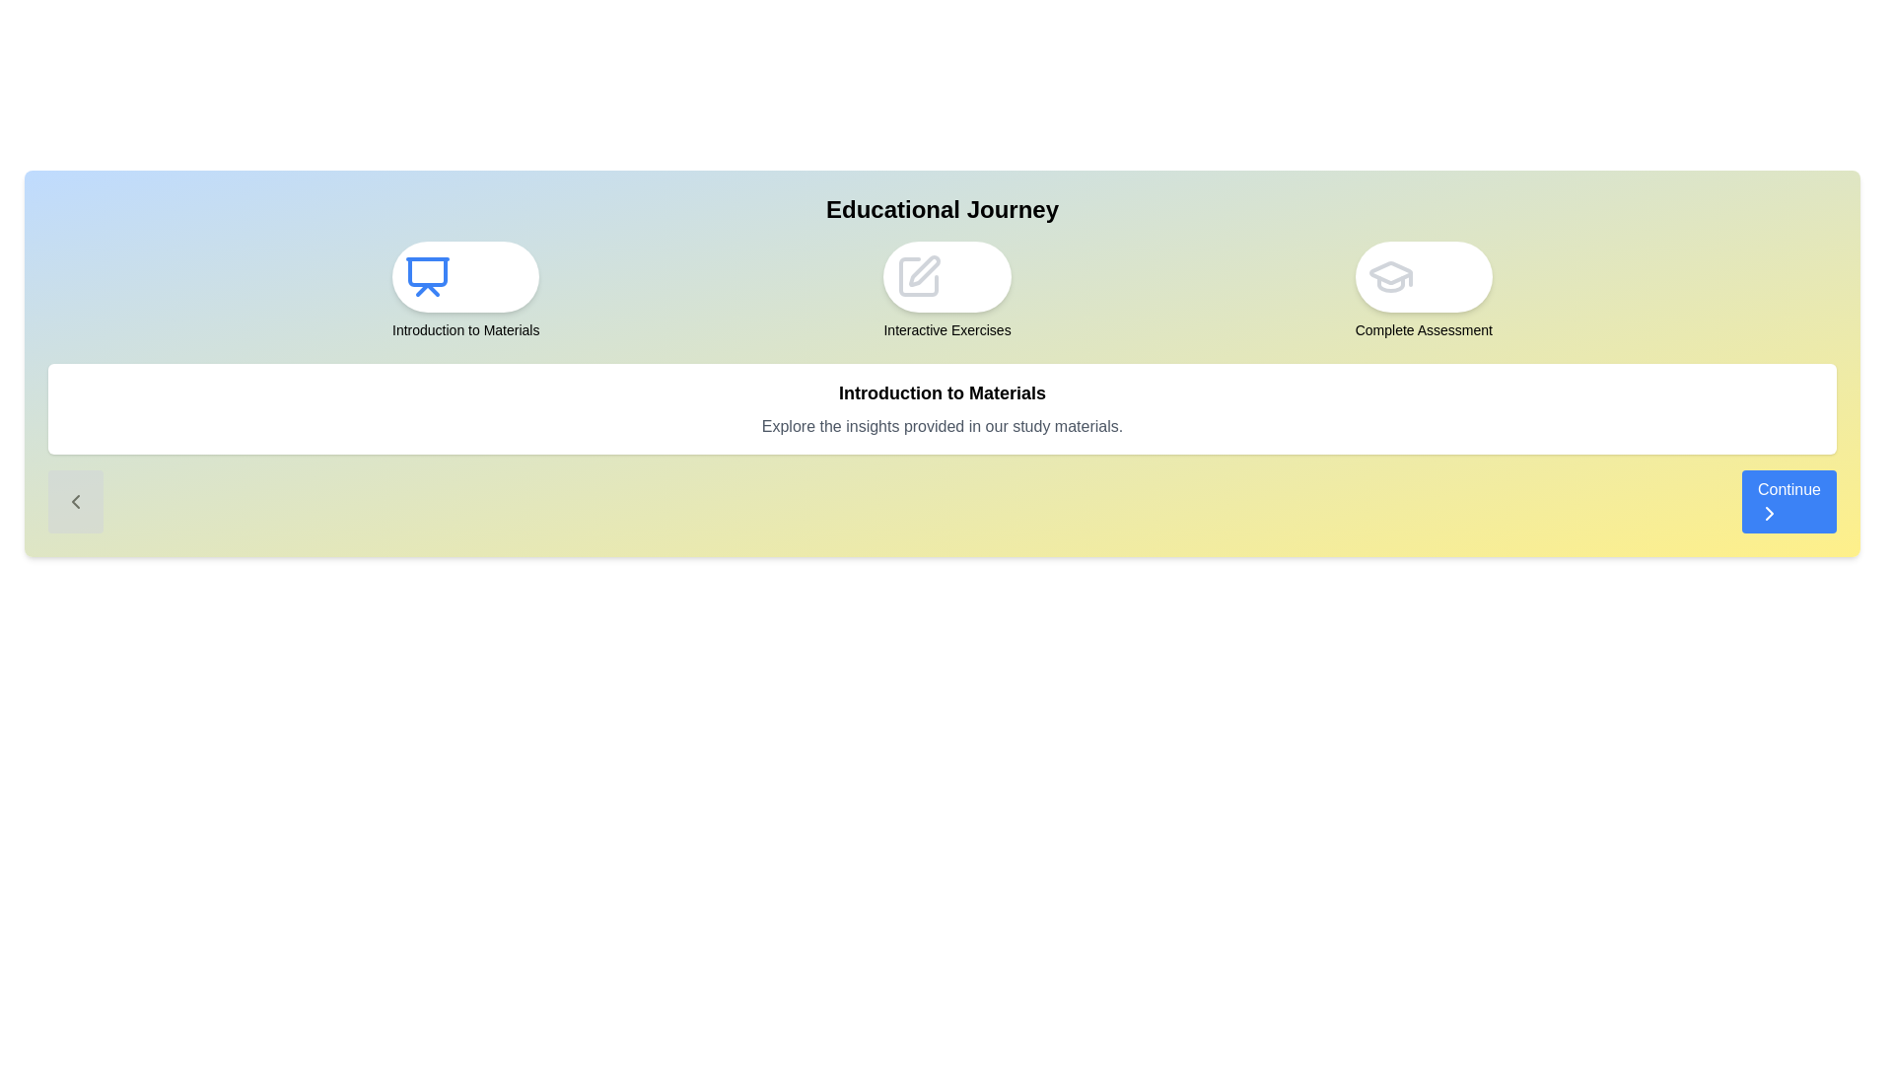  Describe the element at coordinates (946, 277) in the screenshot. I see `the milestone icon corresponding to Interactive Exercises for visual inspection` at that location.